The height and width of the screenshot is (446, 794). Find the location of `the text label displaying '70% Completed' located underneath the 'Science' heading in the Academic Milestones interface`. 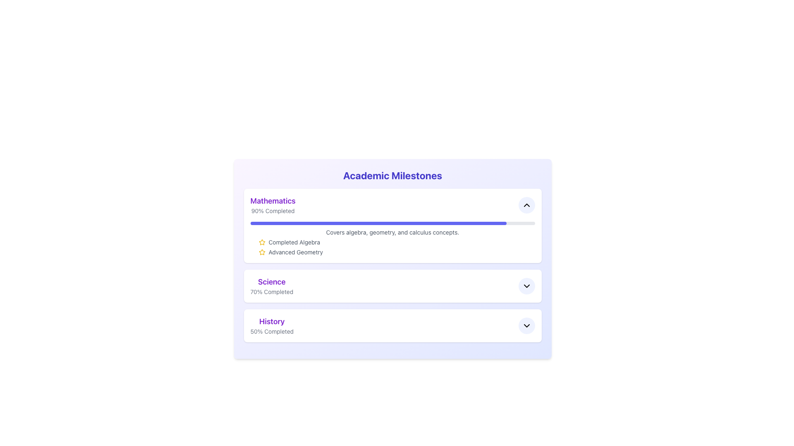

the text label displaying '70% Completed' located underneath the 'Science' heading in the Academic Milestones interface is located at coordinates (272, 291).